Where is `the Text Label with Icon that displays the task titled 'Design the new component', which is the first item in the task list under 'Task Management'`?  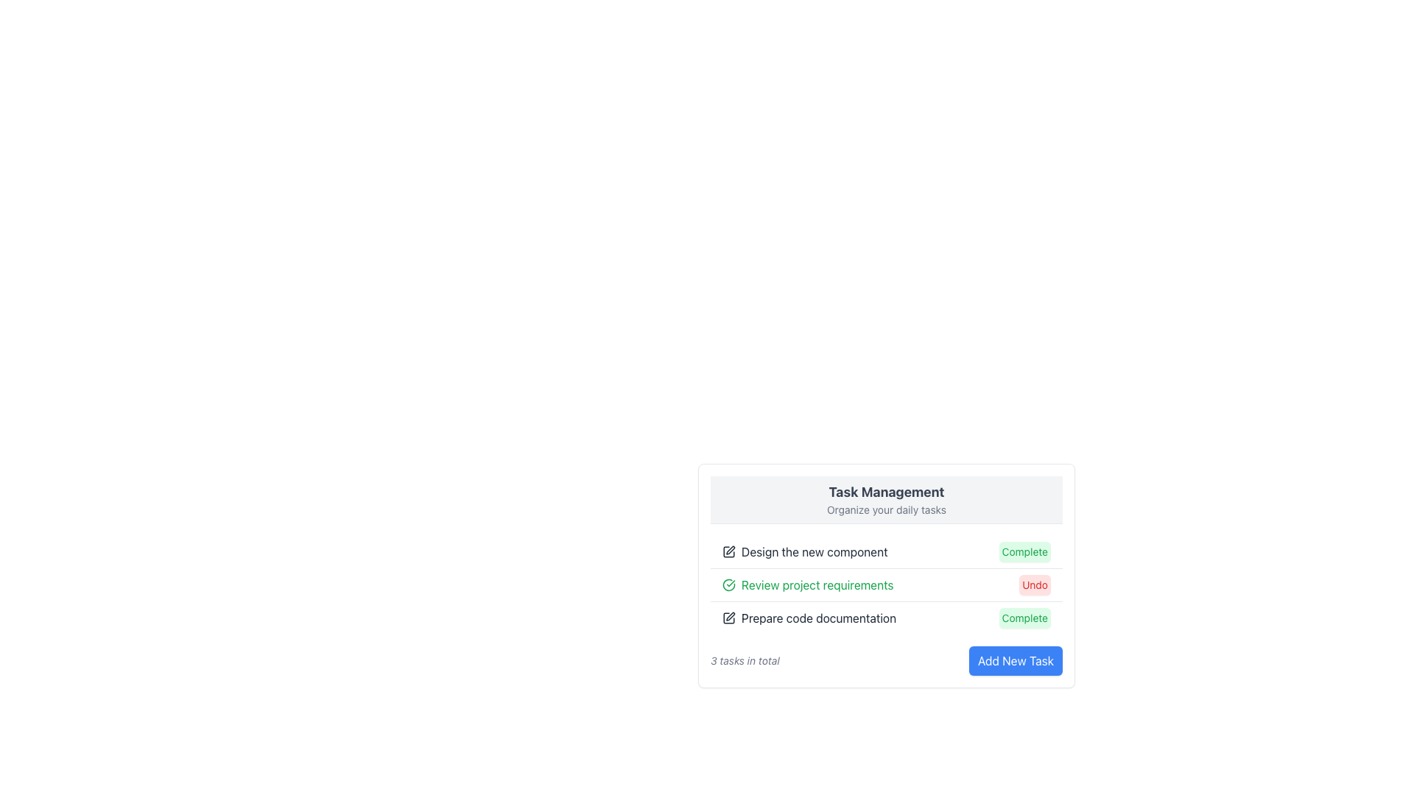
the Text Label with Icon that displays the task titled 'Design the new component', which is the first item in the task list under 'Task Management' is located at coordinates (804, 551).